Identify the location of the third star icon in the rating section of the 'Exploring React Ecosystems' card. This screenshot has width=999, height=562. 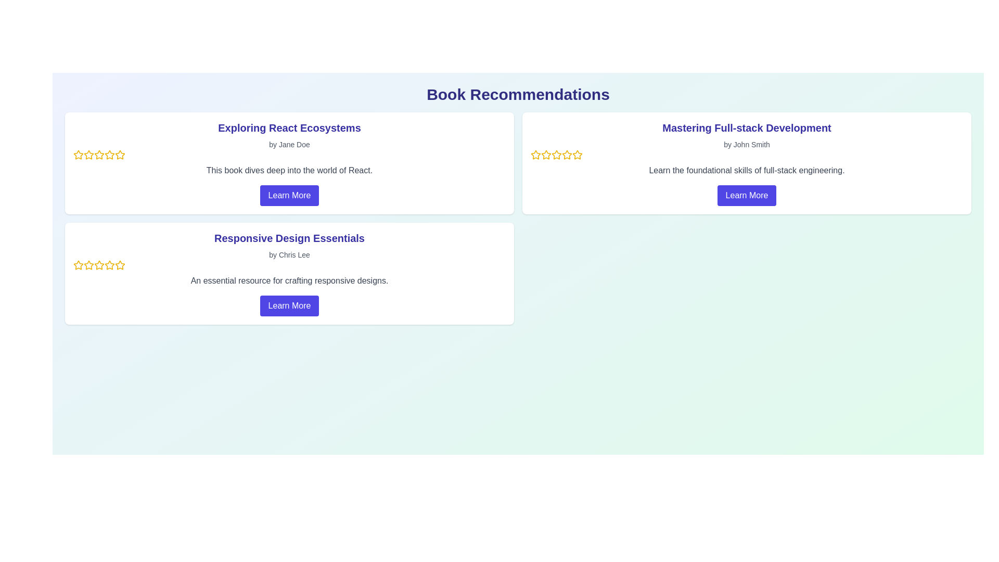
(110, 155).